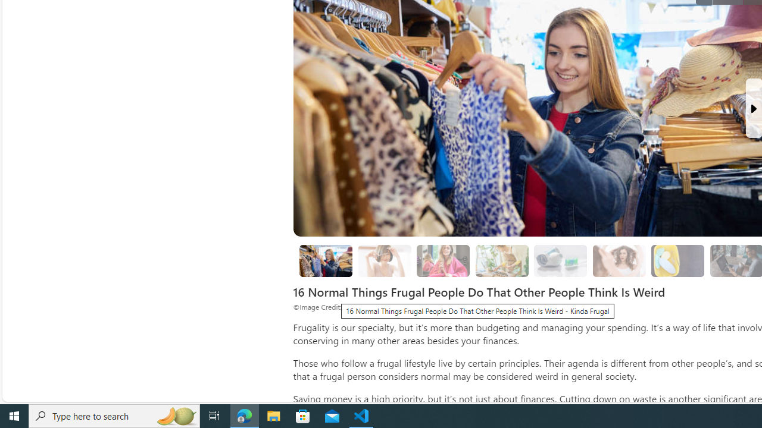  I want to click on '8. Thrift Shopping', so click(326, 260).